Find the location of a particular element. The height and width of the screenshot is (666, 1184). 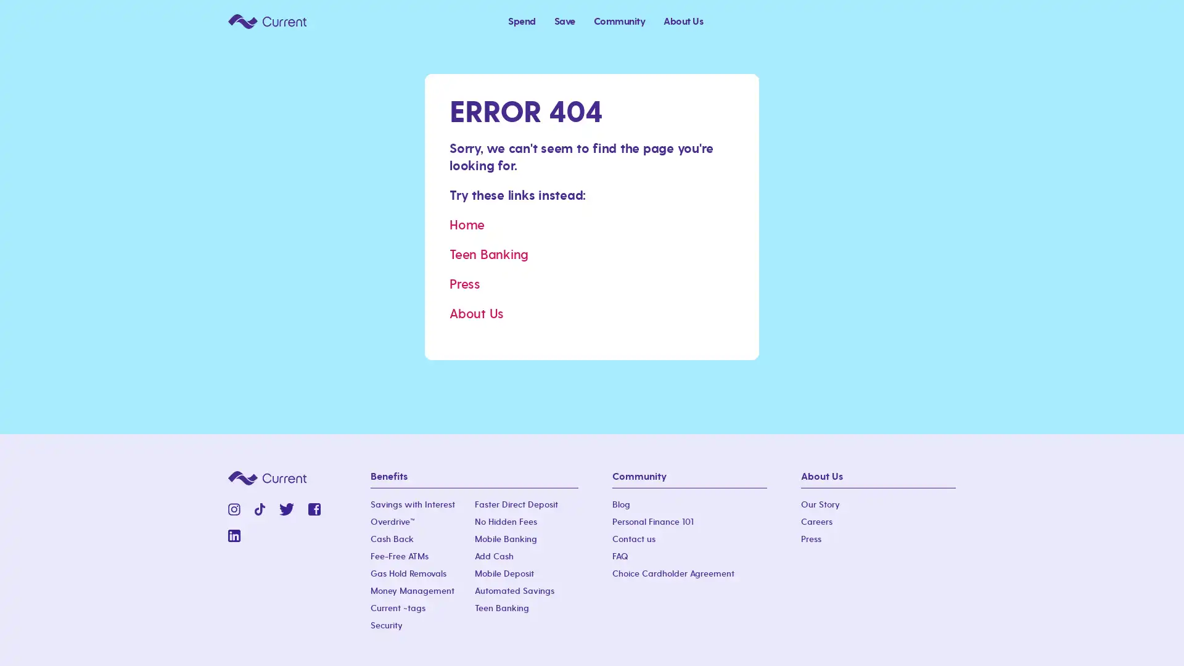

OverdriveTM is located at coordinates (392, 522).